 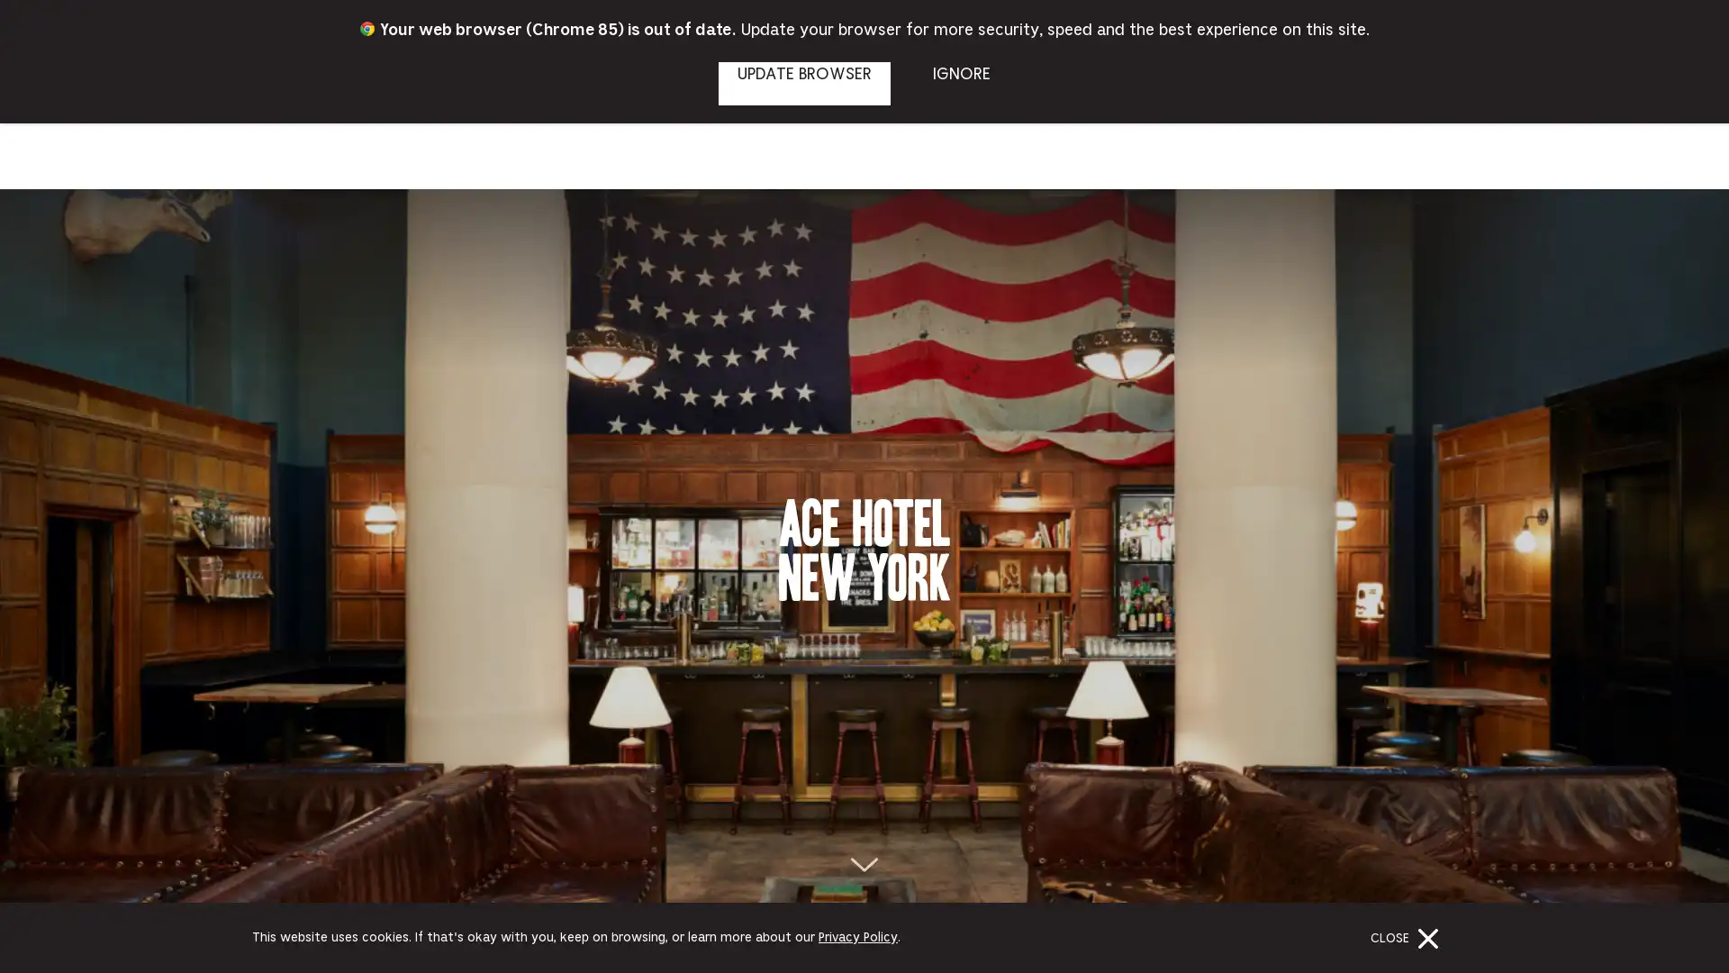 I want to click on CLOSE COOKIE DISCLOSURE NOTICE, so click(x=1408, y=937).